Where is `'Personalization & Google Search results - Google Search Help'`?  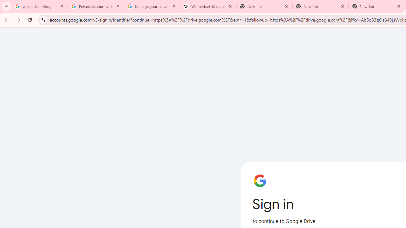 'Personalization & Google Search results - Google Search Help' is located at coordinates (95, 6).